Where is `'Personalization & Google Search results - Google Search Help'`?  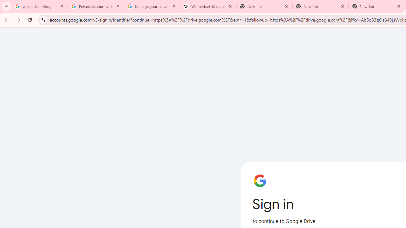 'Personalization & Google Search results - Google Search Help' is located at coordinates (95, 6).